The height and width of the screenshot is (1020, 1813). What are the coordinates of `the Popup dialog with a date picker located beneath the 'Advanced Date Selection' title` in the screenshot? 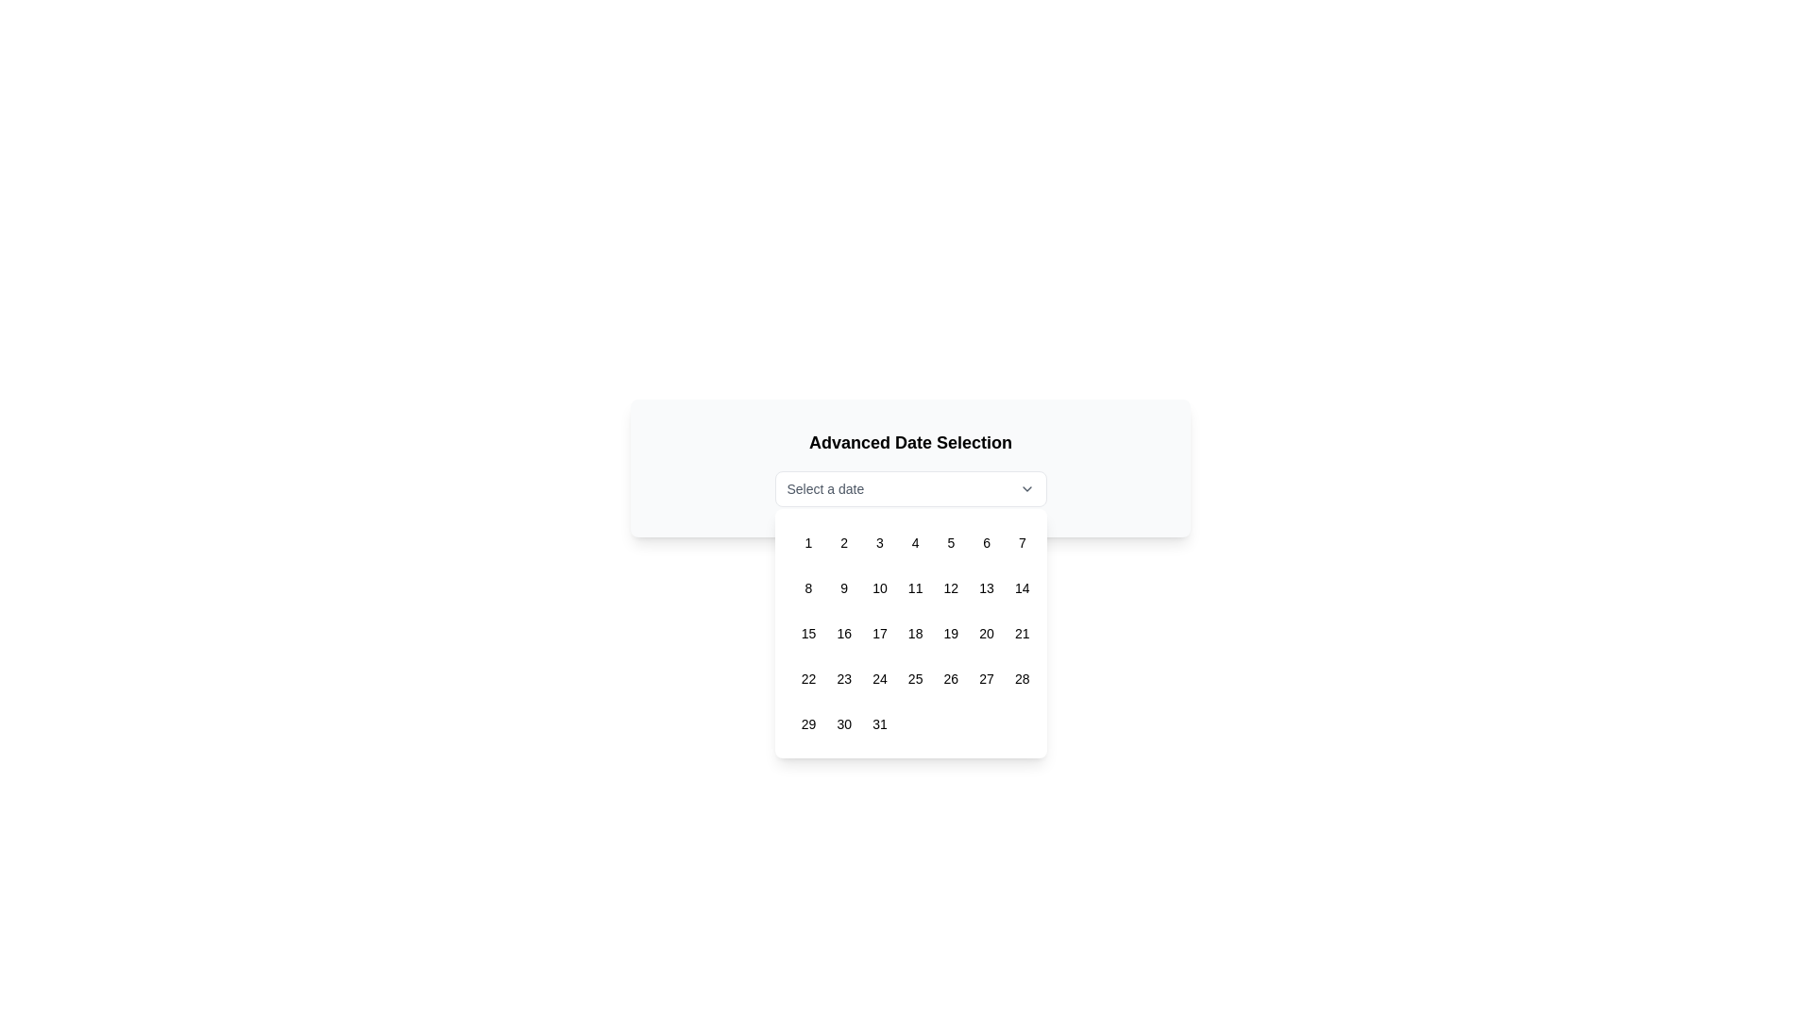 It's located at (910, 619).